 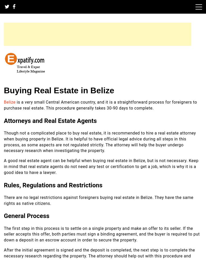 What do you see at coordinates (4, 166) in the screenshot?
I see `'A good real estate agent can be helpful when buying real estate in Belize, but is not necessary. Keep in mind that real estate agents do not need any test or certification to get a job, which is why it is a good idea to have a lawyer.'` at bounding box center [4, 166].